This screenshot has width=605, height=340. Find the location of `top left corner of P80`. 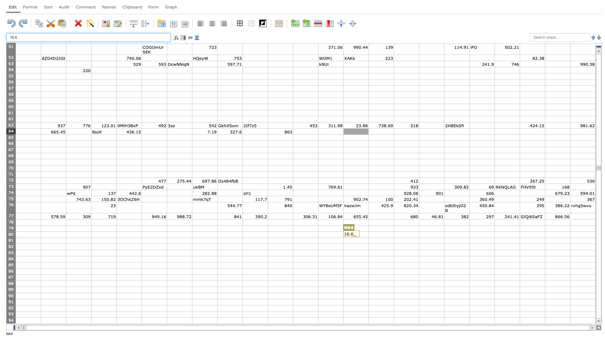

top left corner of P80 is located at coordinates (393, 231).